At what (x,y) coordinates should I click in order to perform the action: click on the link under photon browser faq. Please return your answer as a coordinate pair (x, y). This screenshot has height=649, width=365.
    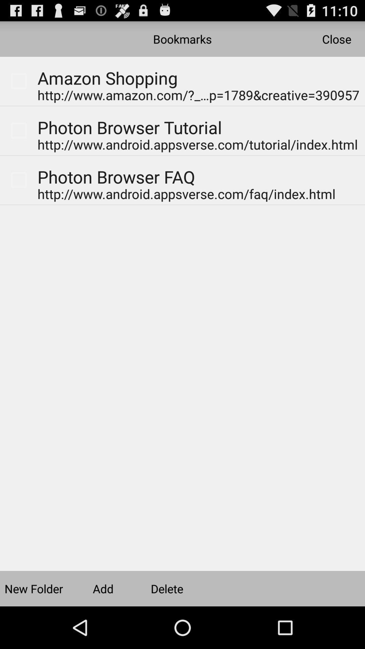
    Looking at the image, I should click on (186, 194).